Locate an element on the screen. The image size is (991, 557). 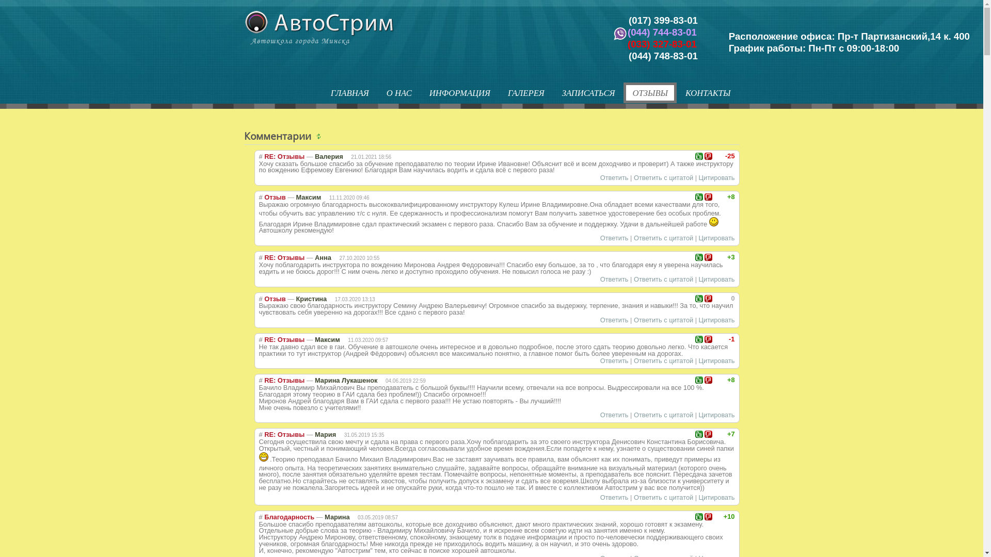
'(044) 744-83-01' is located at coordinates (662, 31).